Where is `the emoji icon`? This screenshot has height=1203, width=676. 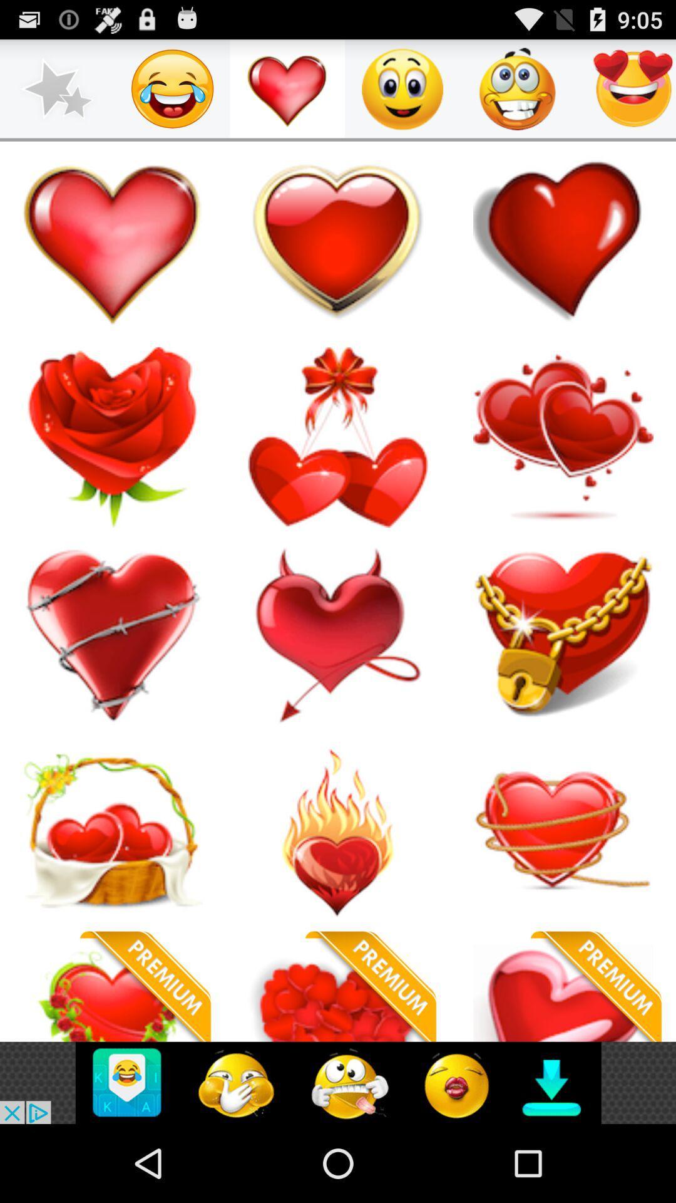 the emoji icon is located at coordinates (517, 95).